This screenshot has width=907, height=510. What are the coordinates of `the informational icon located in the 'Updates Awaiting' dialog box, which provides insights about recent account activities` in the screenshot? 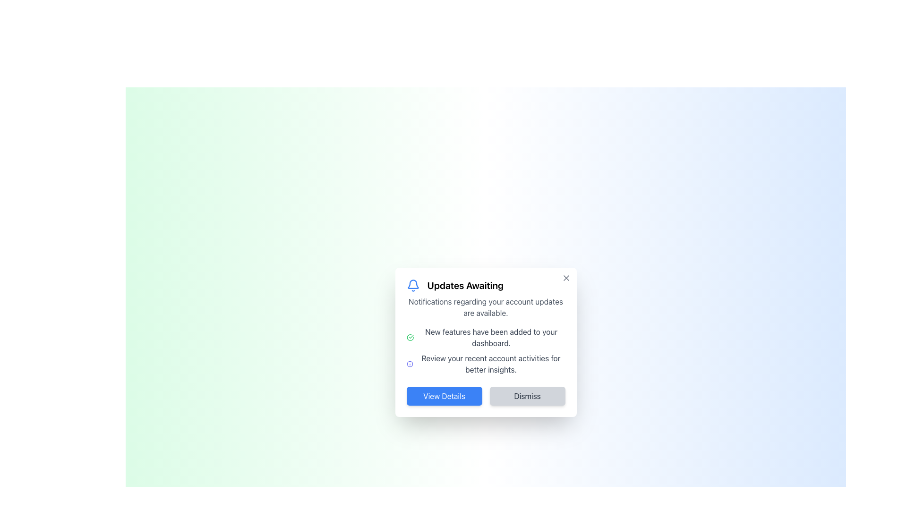 It's located at (486, 364).